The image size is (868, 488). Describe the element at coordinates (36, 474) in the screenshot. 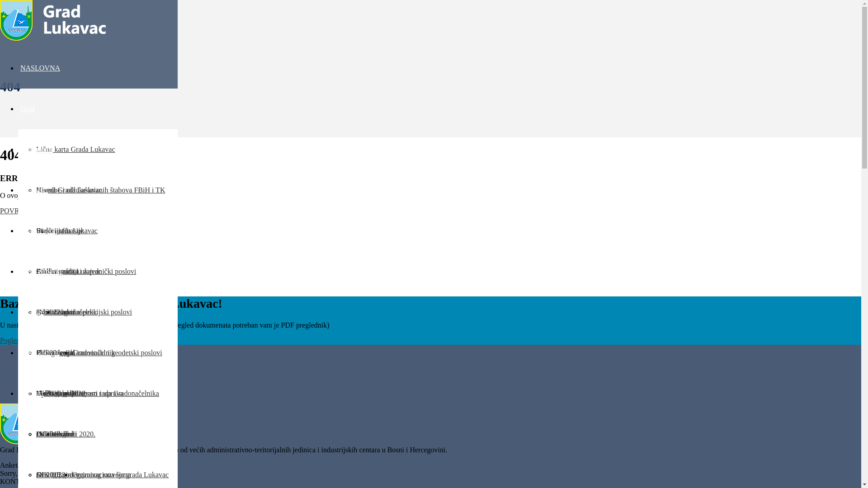

I see `'GIK 2023'` at that location.